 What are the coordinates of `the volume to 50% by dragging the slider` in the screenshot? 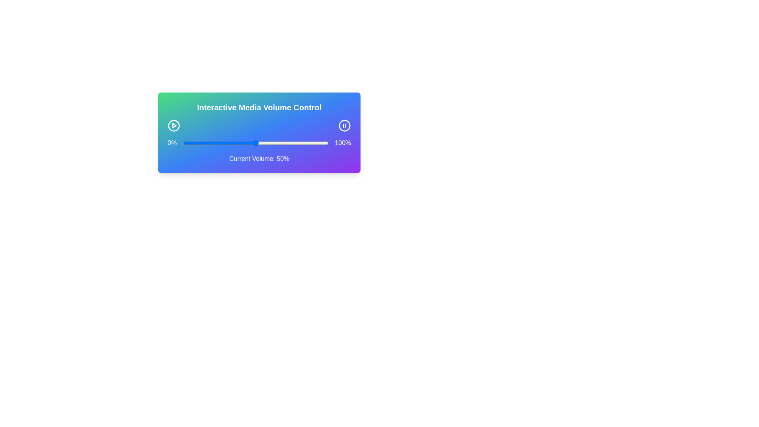 It's located at (256, 143).